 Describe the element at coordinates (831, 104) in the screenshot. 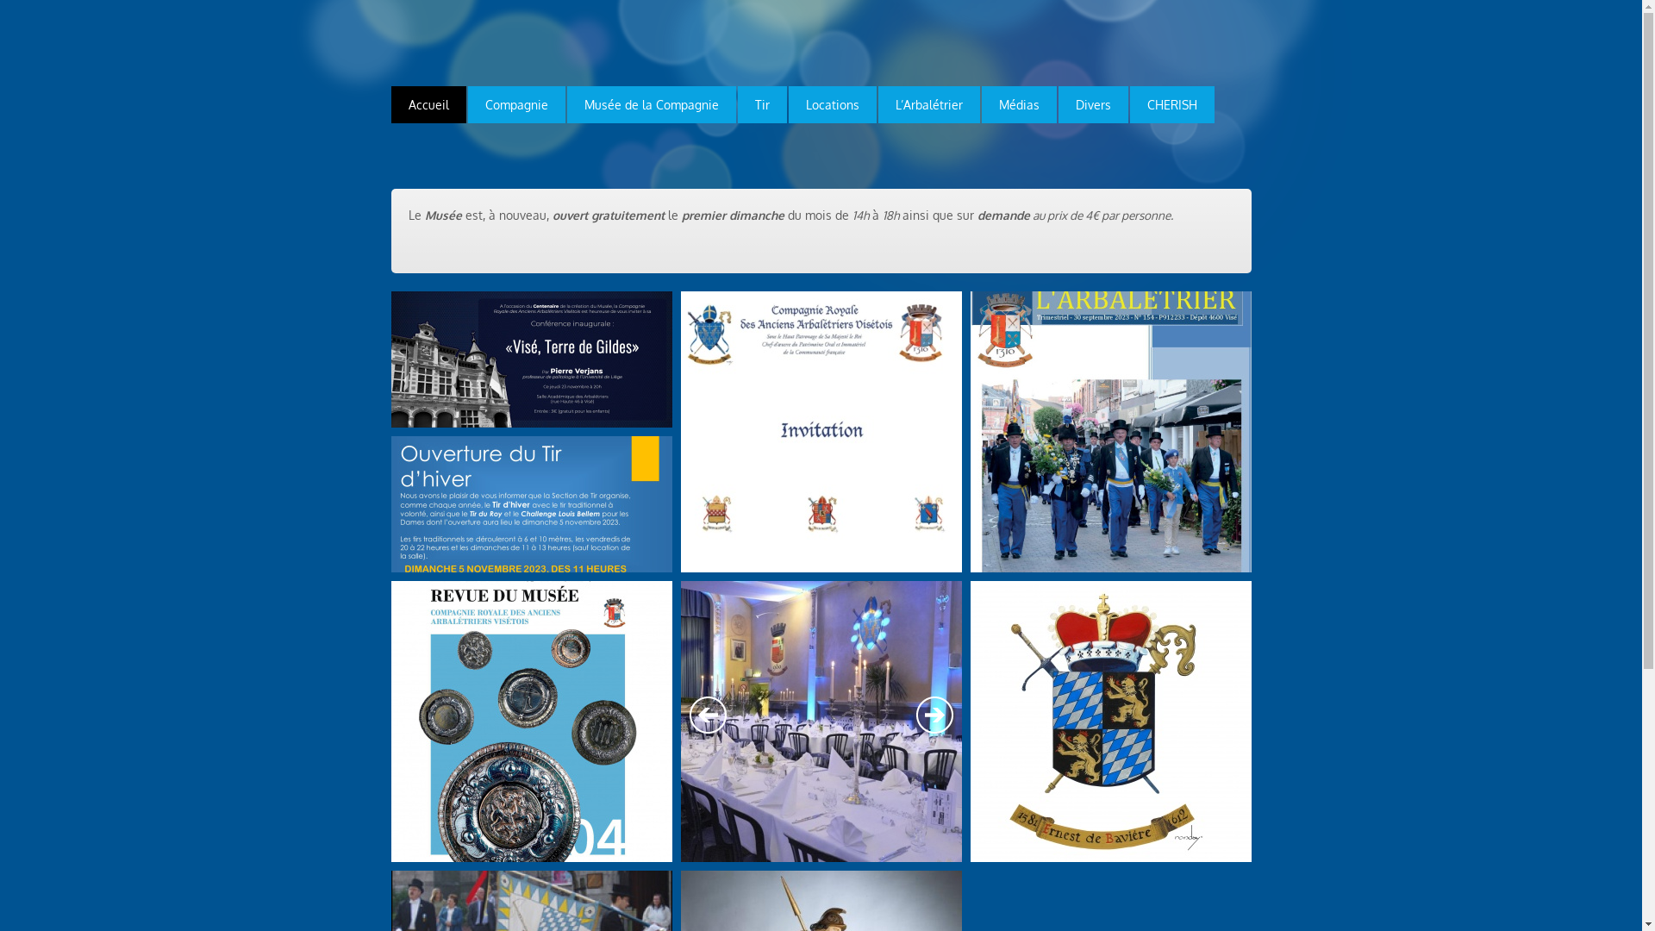

I see `'Locations'` at that location.